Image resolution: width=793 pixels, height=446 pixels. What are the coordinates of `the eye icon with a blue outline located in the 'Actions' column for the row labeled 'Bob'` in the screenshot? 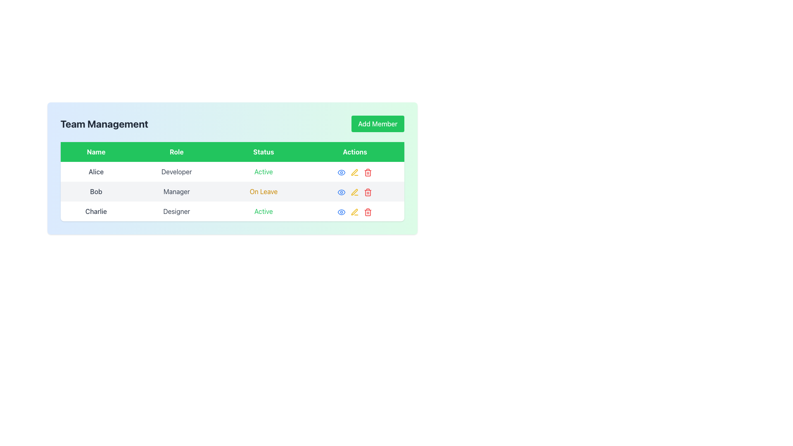 It's located at (342, 192).